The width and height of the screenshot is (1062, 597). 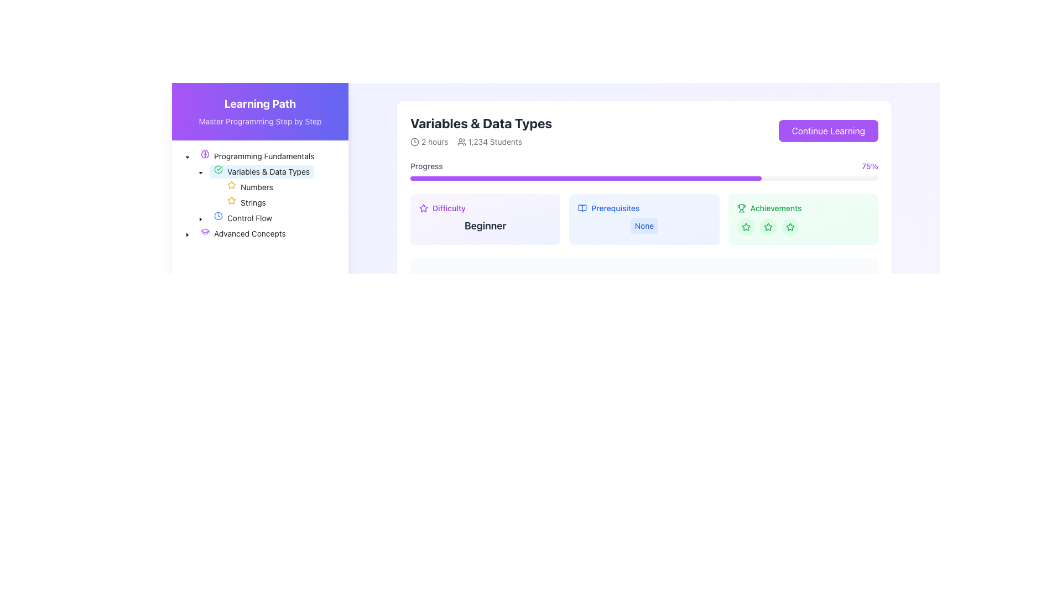 What do you see at coordinates (231, 200) in the screenshot?
I see `the star icon located to the left of the 'Numbers' text in the 'Variables & Data Types' section of the 'Programming Fundamentals' menu` at bounding box center [231, 200].